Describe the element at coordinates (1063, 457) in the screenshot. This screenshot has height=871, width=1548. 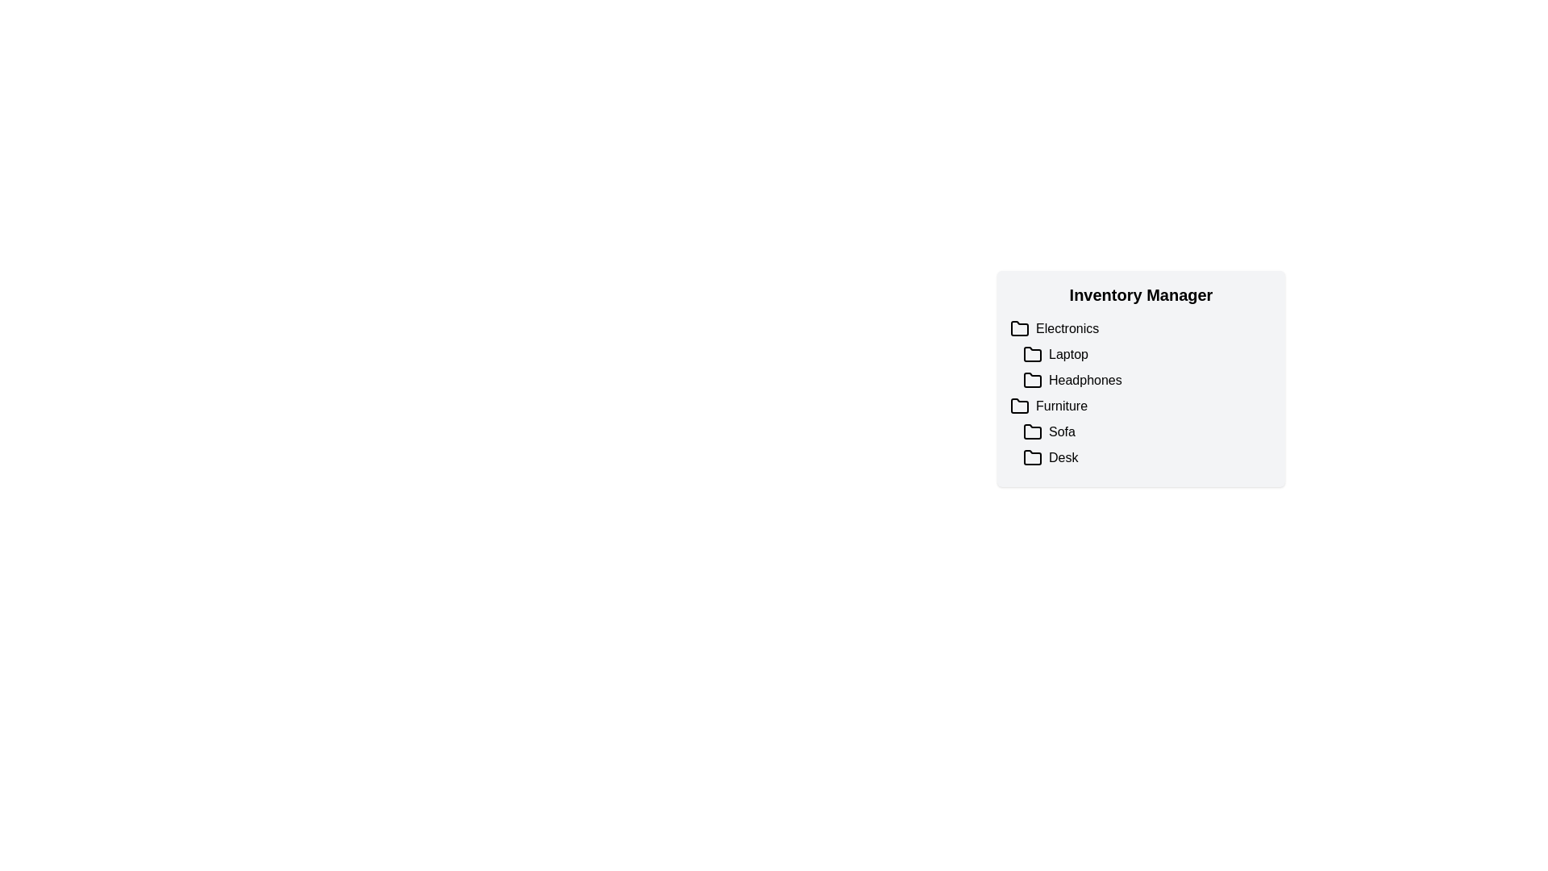
I see `the text label displaying 'Desk', which is the last item in the vertical list under 'Inventory Manager'` at that location.